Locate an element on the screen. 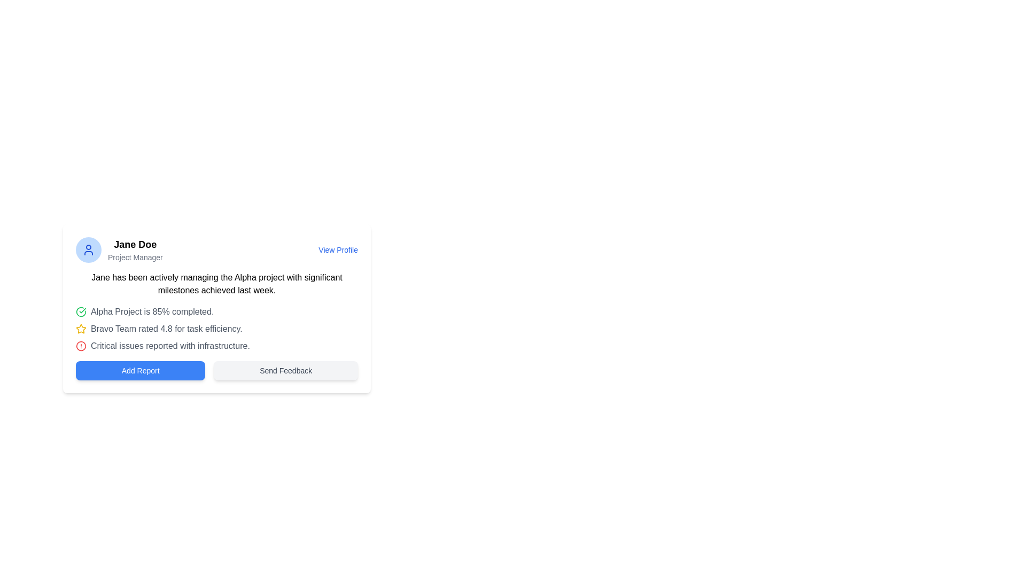 The height and width of the screenshot is (577, 1026). the star icon with a yellow outline and transparent center, located near the middle-bottom of the user interface, to interact with it is located at coordinates (81, 328).